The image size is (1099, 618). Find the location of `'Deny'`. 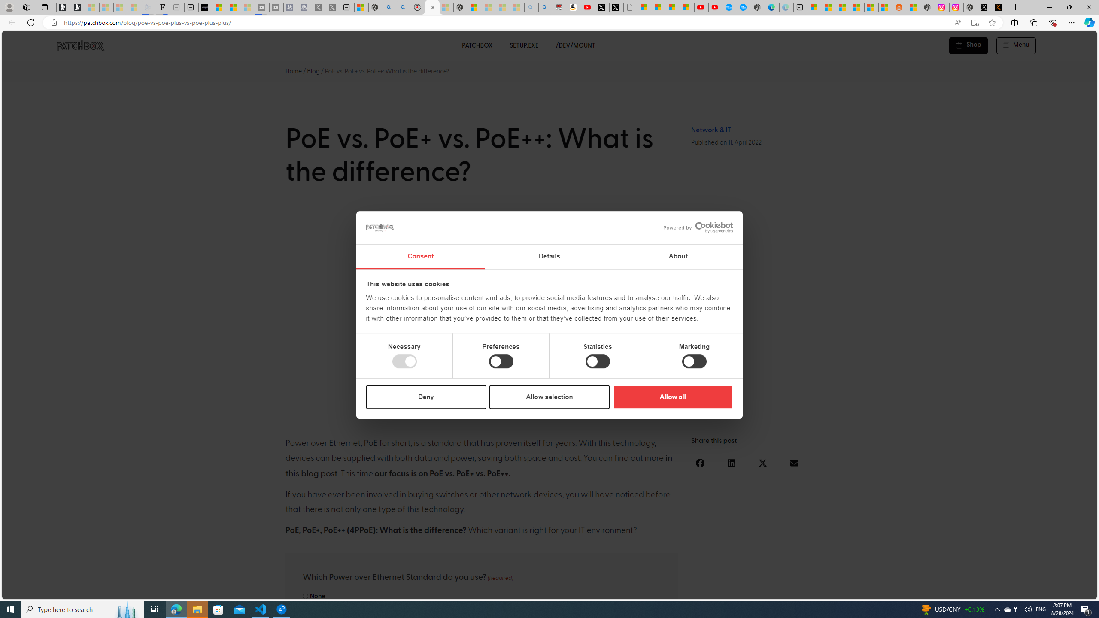

'Deny' is located at coordinates (426, 396).